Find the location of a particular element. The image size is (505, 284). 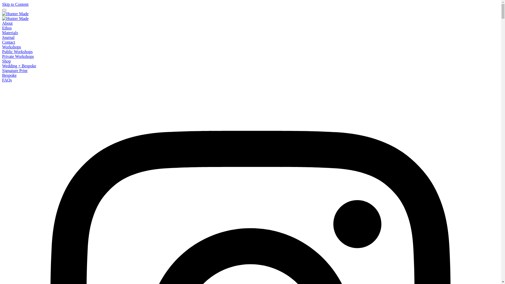

'FAQs' is located at coordinates (2, 80).